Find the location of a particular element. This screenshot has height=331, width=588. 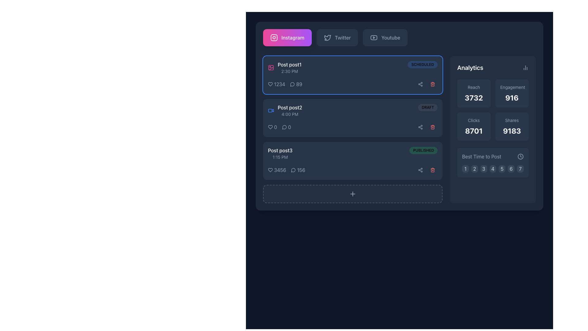

the red trash bin button, which is the second button in a small group of controls on the right-hand side of the card labeled 'Post post3' is located at coordinates (432, 170).